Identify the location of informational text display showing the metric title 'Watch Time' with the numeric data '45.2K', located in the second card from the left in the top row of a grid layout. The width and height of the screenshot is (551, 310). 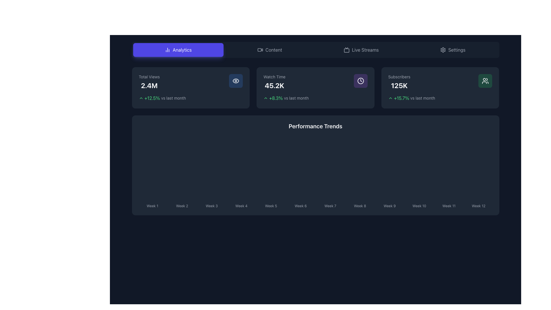
(274, 82).